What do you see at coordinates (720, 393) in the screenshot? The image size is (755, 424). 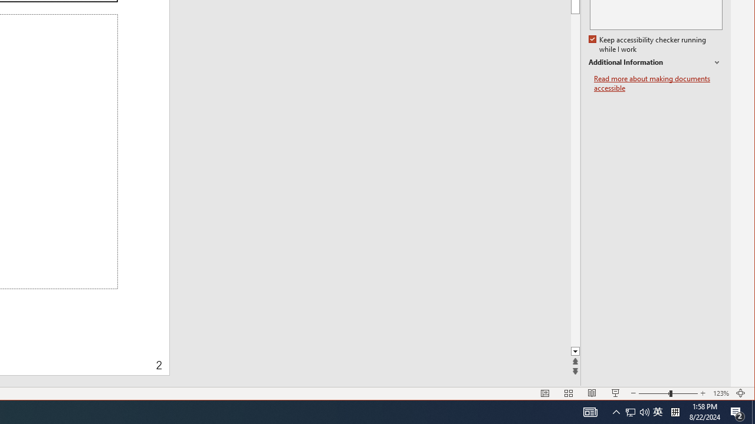 I see `'Zoom 123%'` at bounding box center [720, 393].